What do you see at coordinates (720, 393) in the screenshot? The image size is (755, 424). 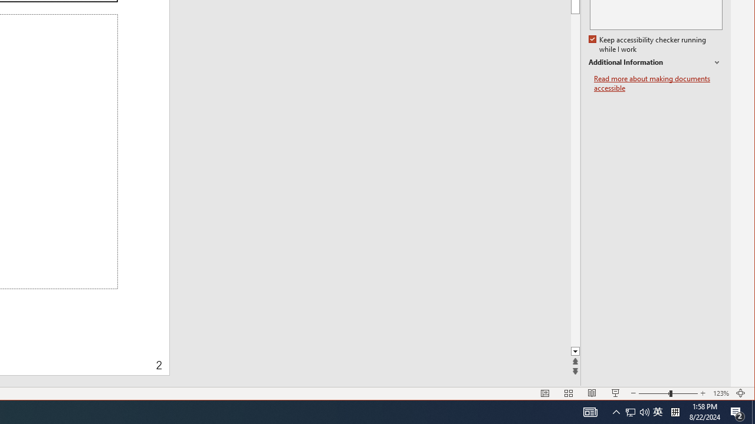 I see `'Zoom 123%'` at bounding box center [720, 393].